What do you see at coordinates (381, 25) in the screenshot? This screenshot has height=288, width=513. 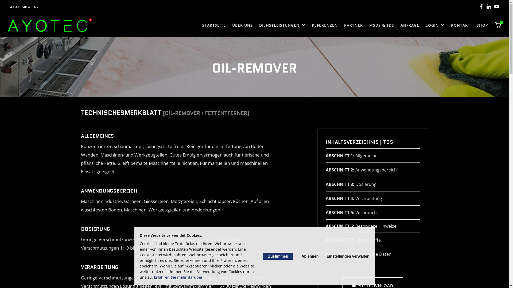 I see `'MSDS & TDS'` at bounding box center [381, 25].